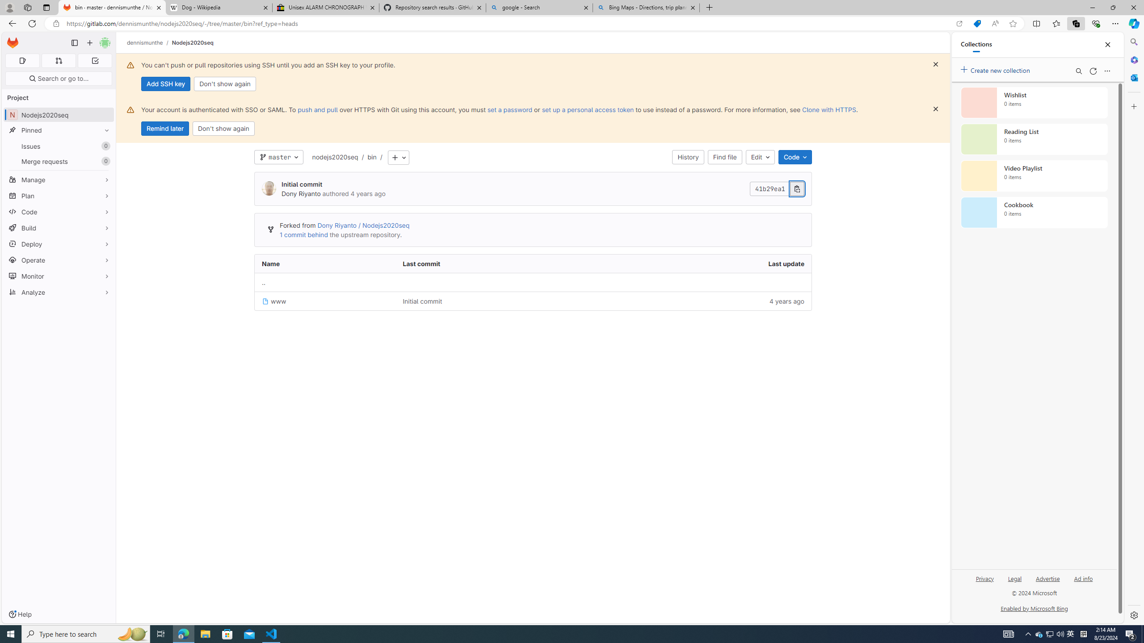  I want to click on 'Build', so click(58, 227).